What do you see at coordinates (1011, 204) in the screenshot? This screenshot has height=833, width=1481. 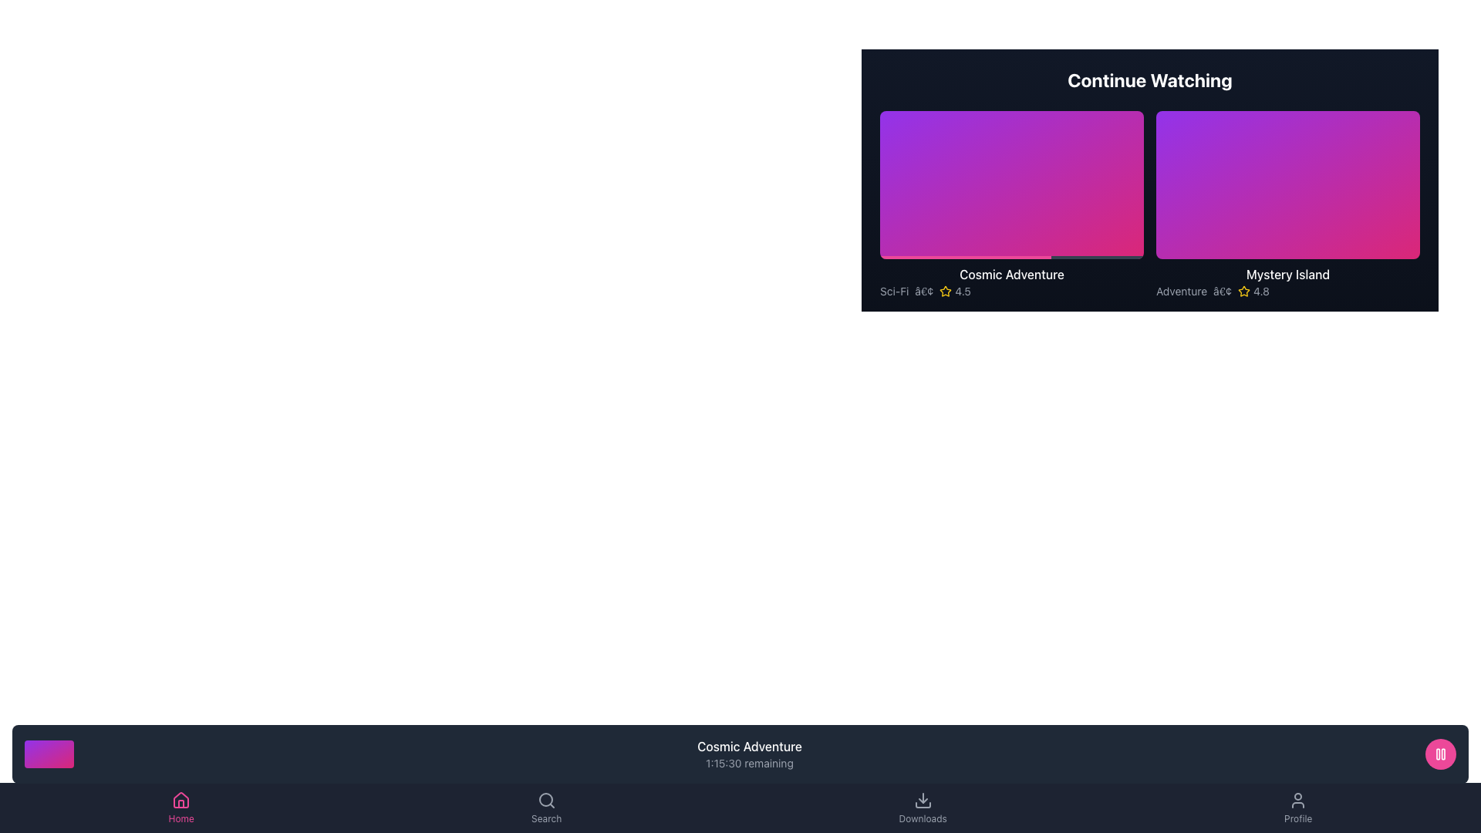 I see `the first card in the 'Continue Watching' section` at bounding box center [1011, 204].